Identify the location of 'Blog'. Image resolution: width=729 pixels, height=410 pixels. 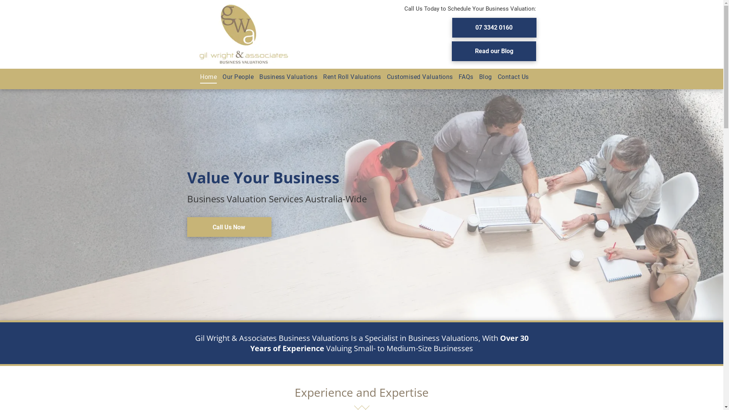
(482, 77).